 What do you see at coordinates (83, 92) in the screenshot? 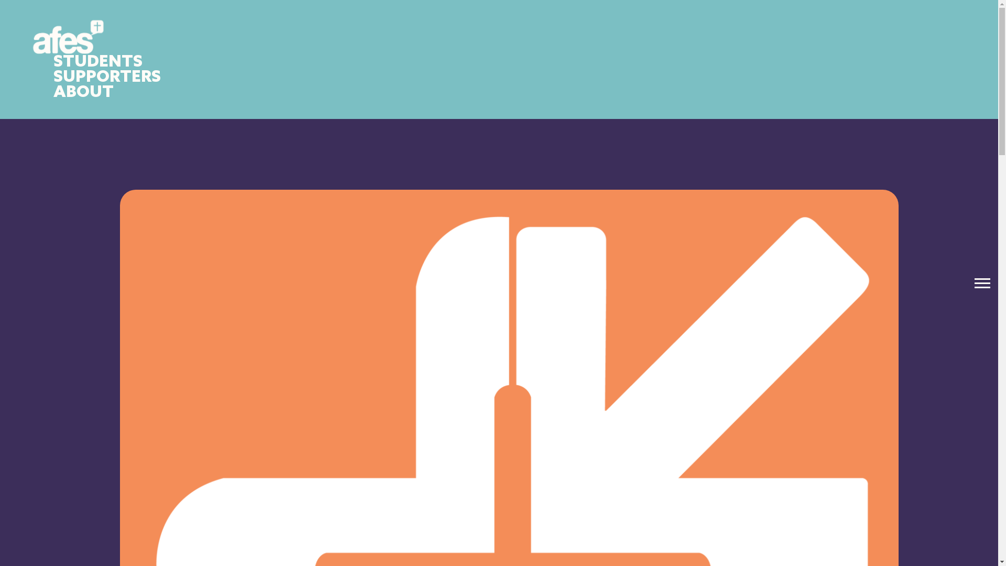
I see `'ABOUT'` at bounding box center [83, 92].